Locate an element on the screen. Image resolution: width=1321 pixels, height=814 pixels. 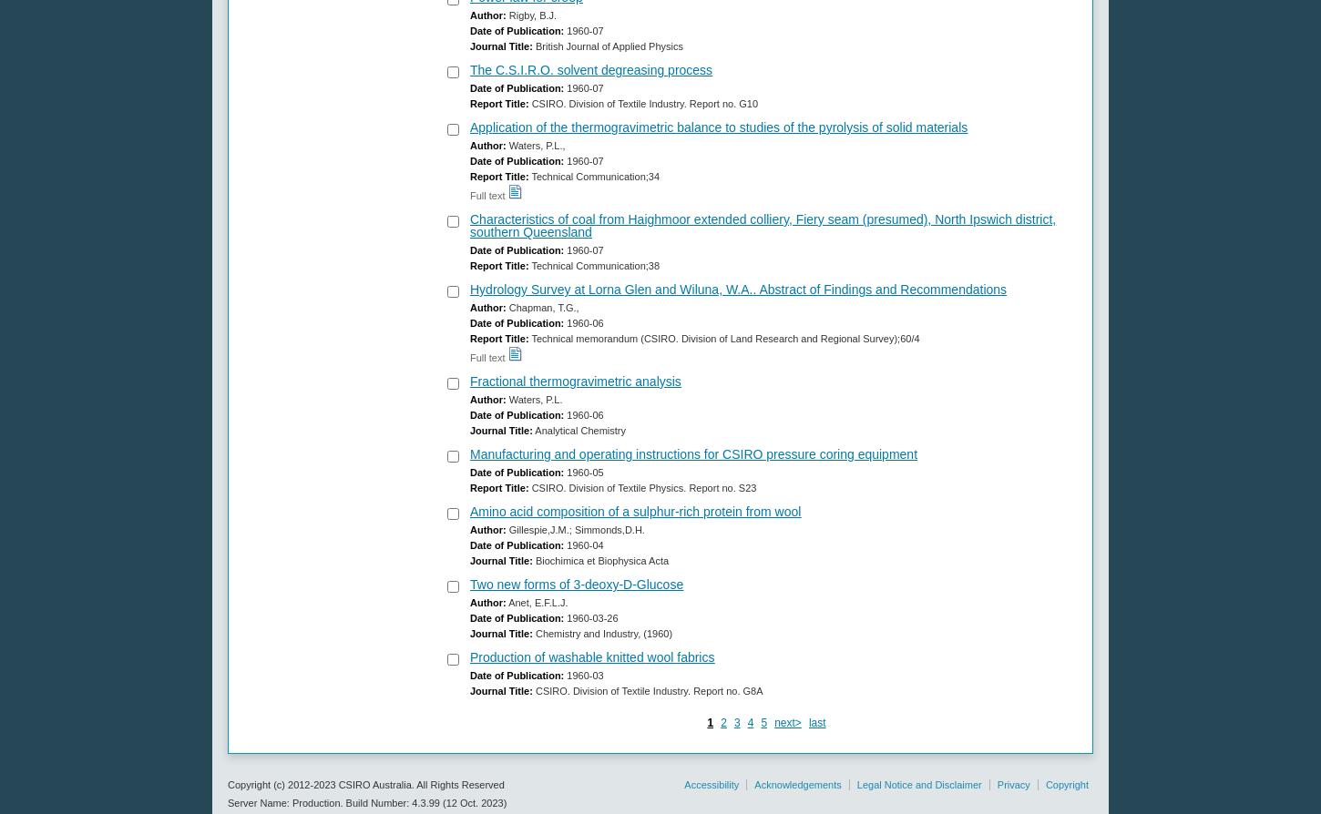
'2' is located at coordinates (723, 721).